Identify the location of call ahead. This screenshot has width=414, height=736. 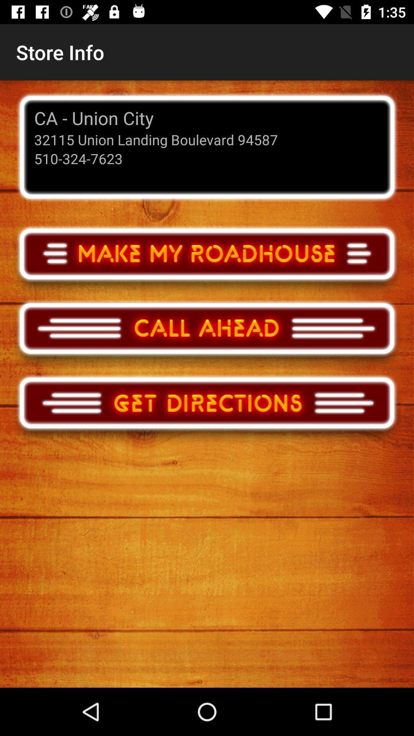
(207, 335).